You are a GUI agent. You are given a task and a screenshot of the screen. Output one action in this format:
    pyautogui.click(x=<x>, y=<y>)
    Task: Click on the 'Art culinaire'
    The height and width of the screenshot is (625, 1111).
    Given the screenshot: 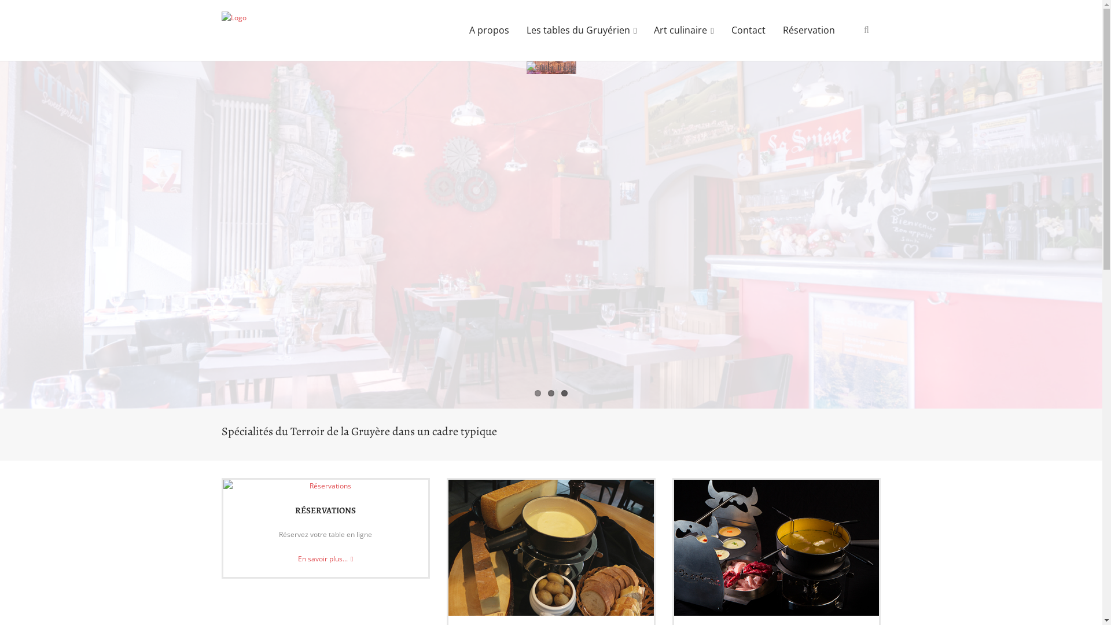 What is the action you would take?
    pyautogui.click(x=683, y=30)
    